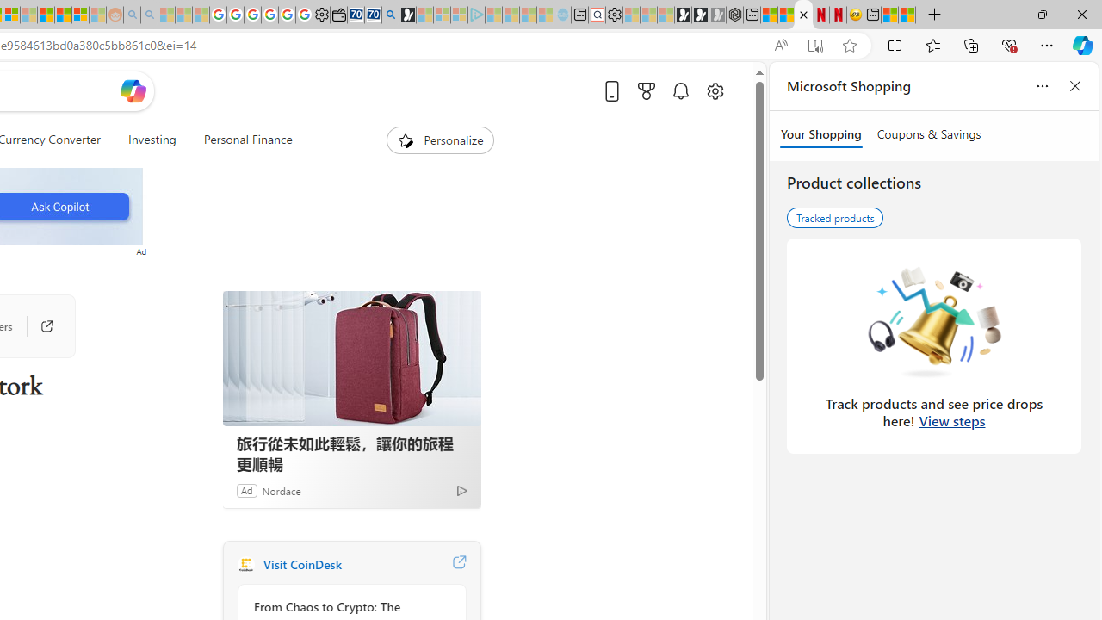  I want to click on 'Wildlife - MSN', so click(889, 15).